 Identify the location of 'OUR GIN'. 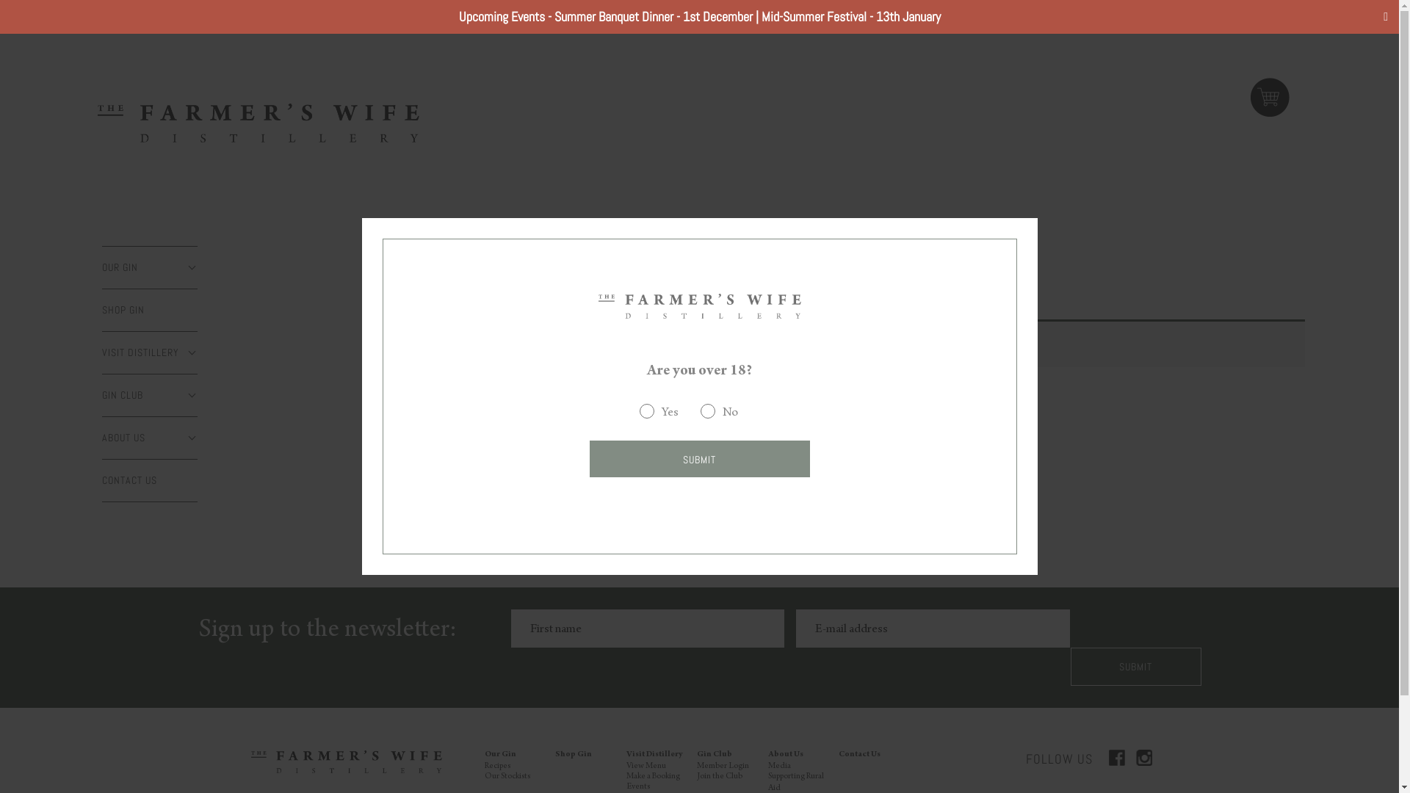
(150, 267).